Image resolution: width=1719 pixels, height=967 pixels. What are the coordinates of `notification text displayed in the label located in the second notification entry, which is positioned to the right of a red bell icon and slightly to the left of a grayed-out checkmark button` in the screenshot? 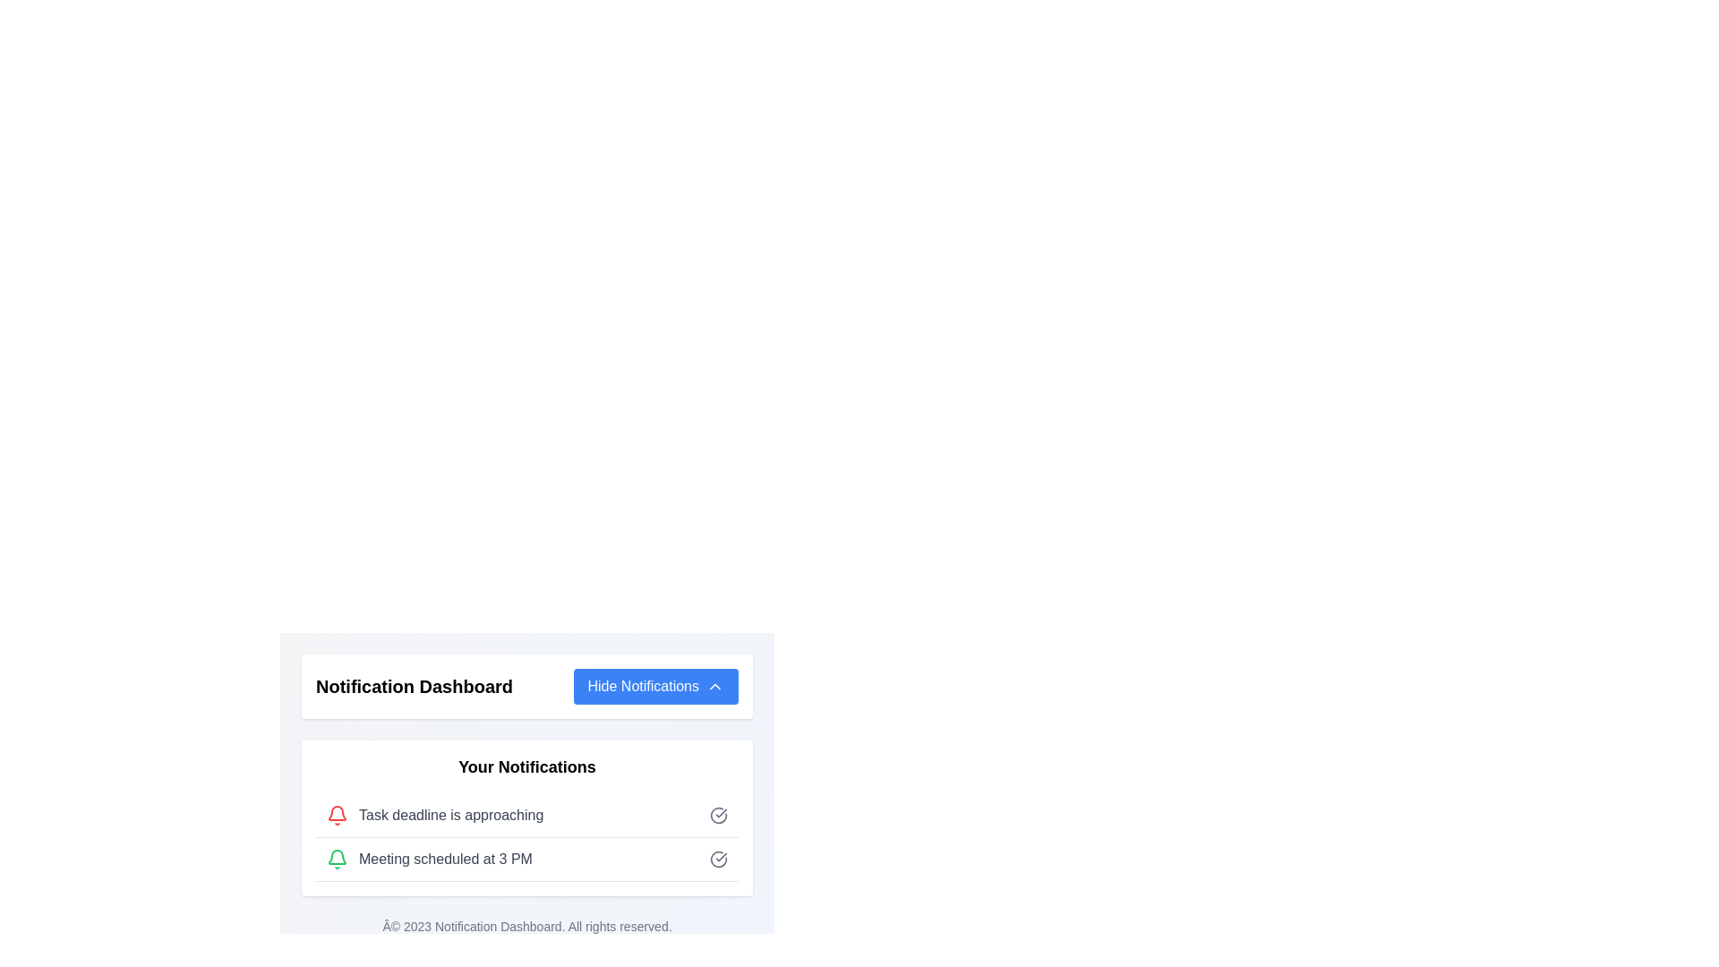 It's located at (451, 815).